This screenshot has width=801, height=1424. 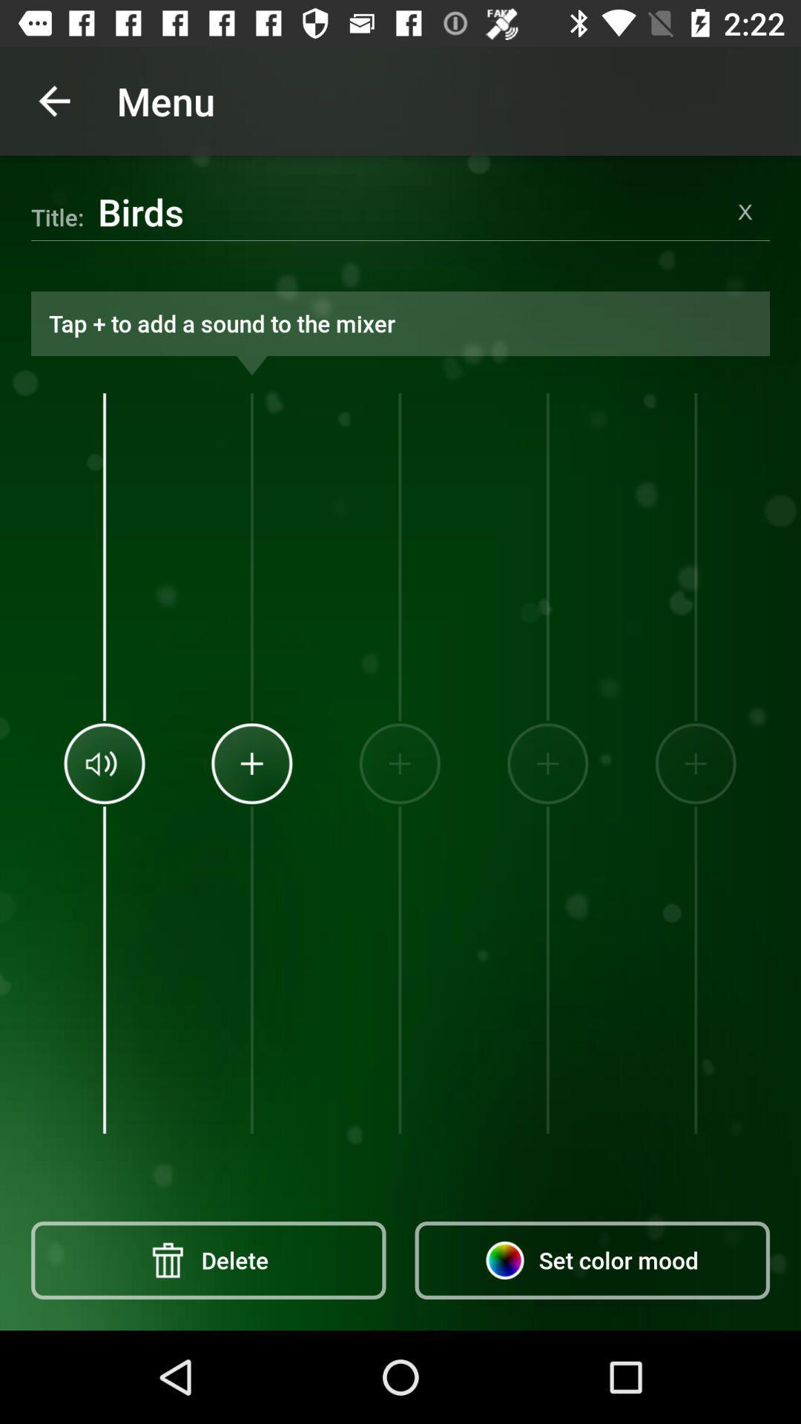 What do you see at coordinates (745, 211) in the screenshot?
I see `item at the top right corner` at bounding box center [745, 211].